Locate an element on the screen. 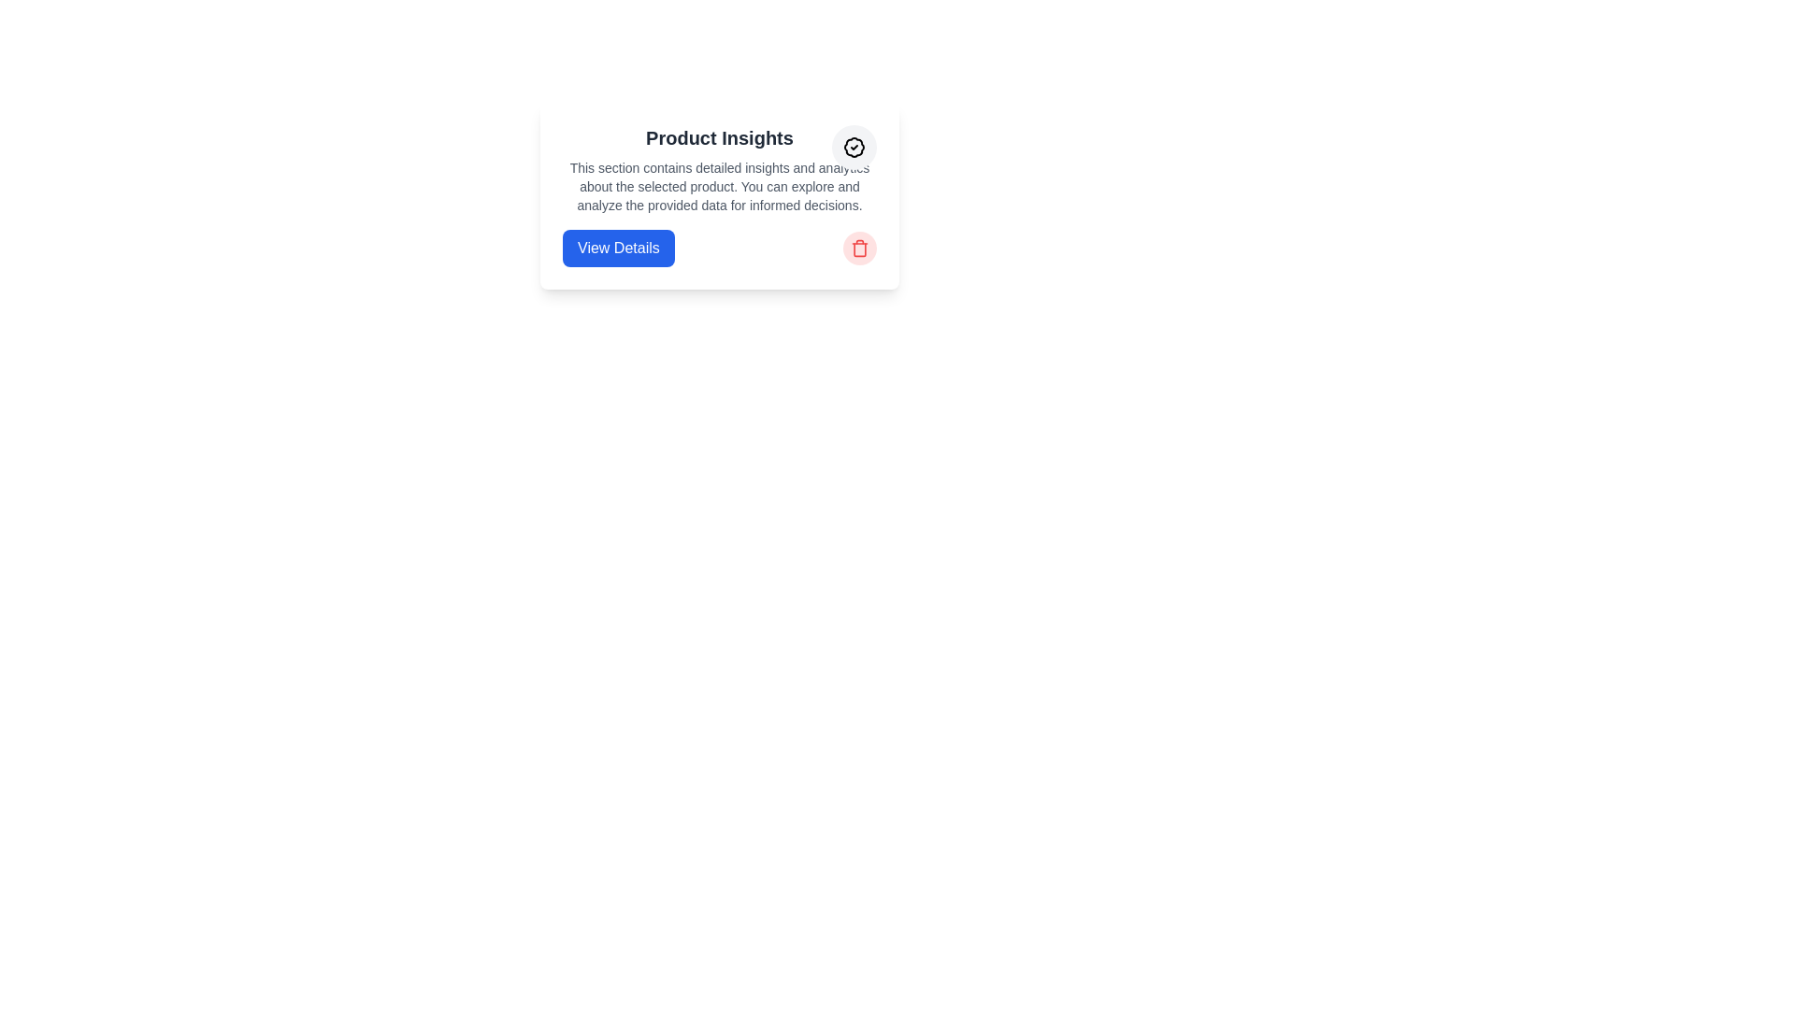  the red-colored trash bin icon located within the bottom-right section of a rectangular card interface is located at coordinates (859, 248).